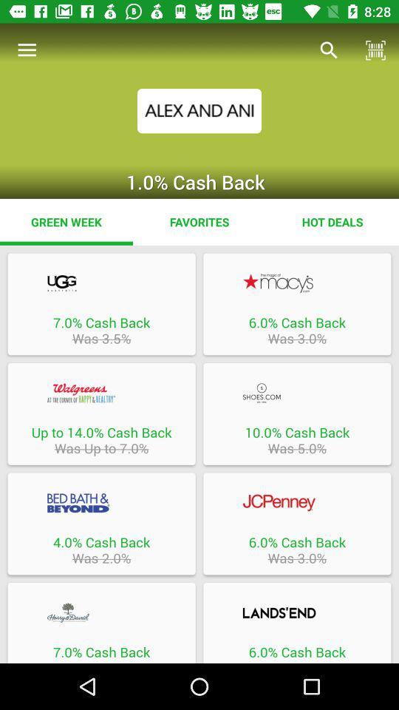  Describe the element at coordinates (199, 221) in the screenshot. I see `item next to green week` at that location.